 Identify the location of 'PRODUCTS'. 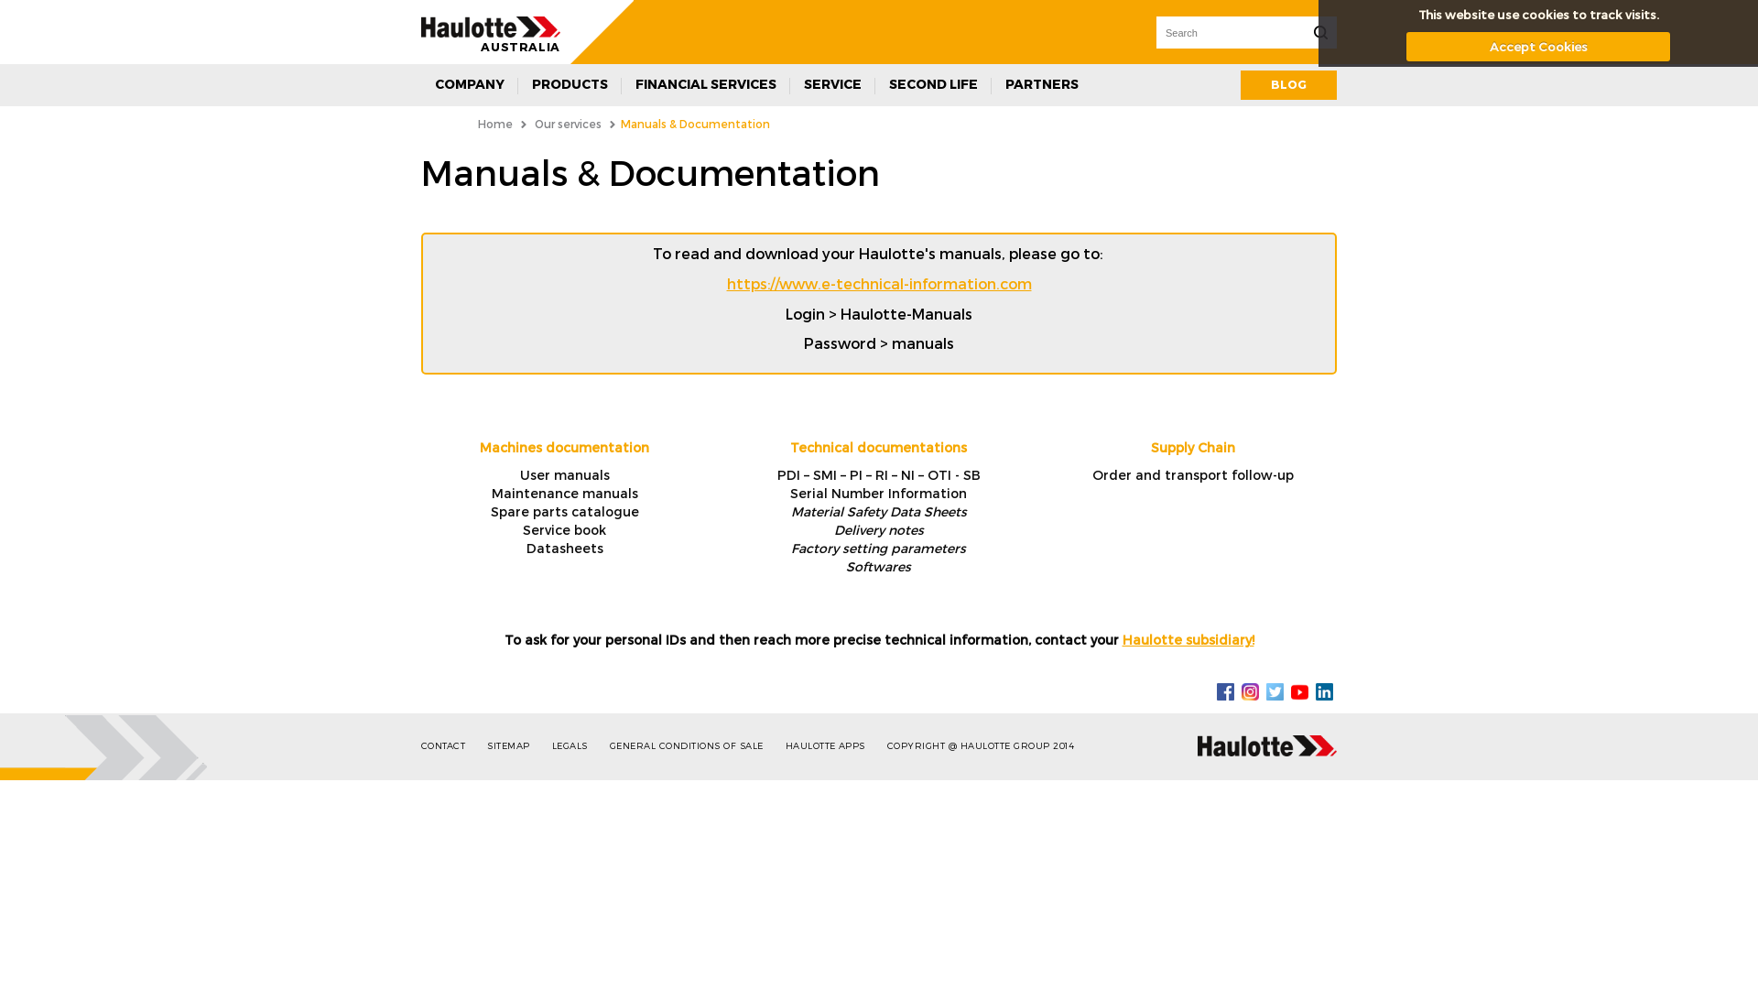
(569, 84).